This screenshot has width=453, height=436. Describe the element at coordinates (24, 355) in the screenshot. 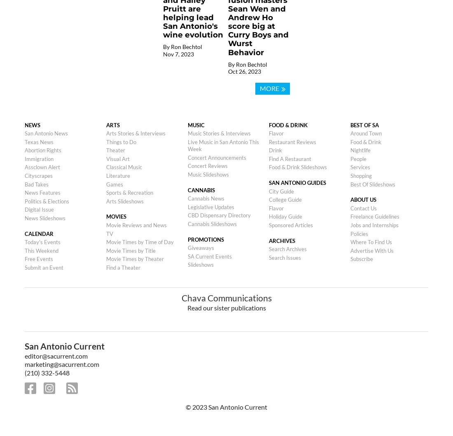

I see `'editor@sacurrent.com'` at that location.